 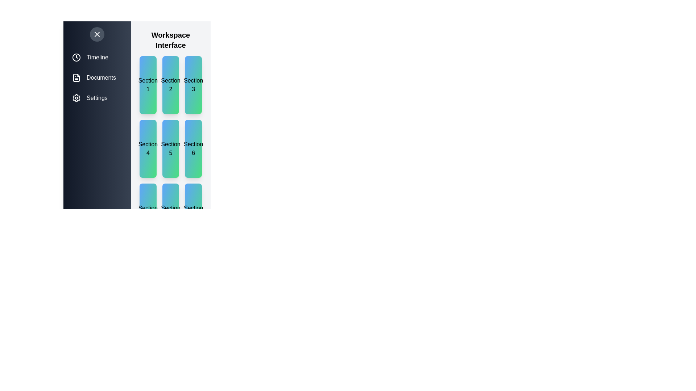 What do you see at coordinates (148, 85) in the screenshot?
I see `the text 'Section 1' to highlight a word` at bounding box center [148, 85].